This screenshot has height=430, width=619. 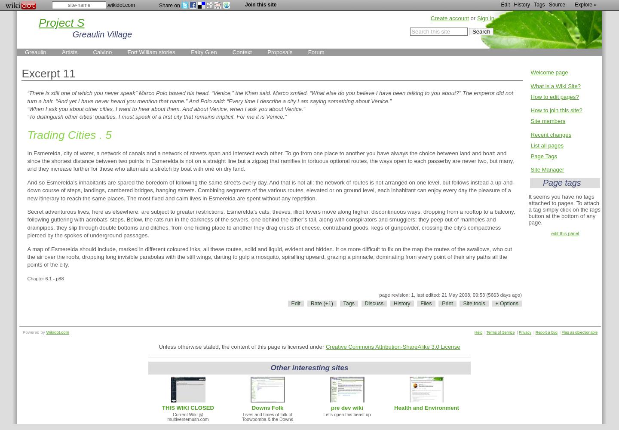 I want to click on 'Files', so click(x=426, y=303).